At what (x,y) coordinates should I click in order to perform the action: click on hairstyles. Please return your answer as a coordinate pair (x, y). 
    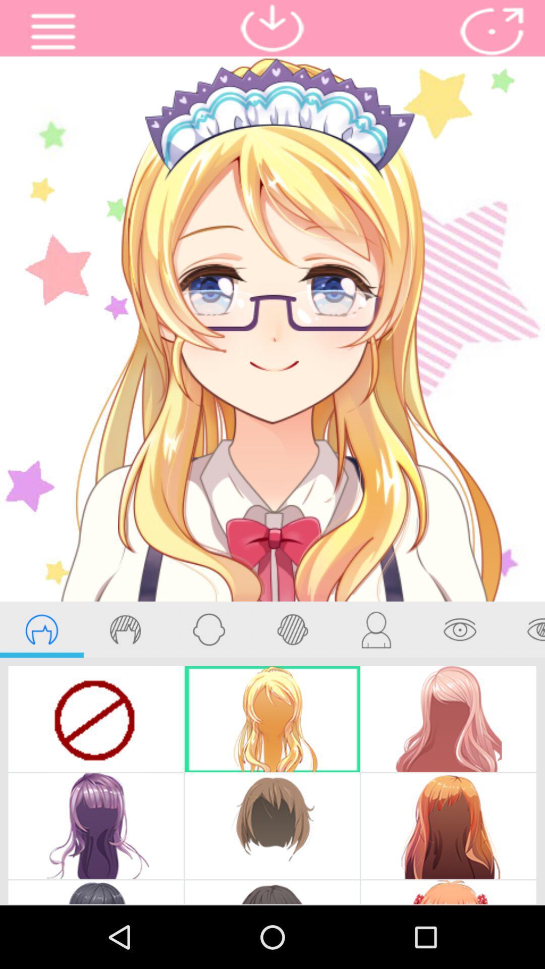
    Looking at the image, I should click on (41, 629).